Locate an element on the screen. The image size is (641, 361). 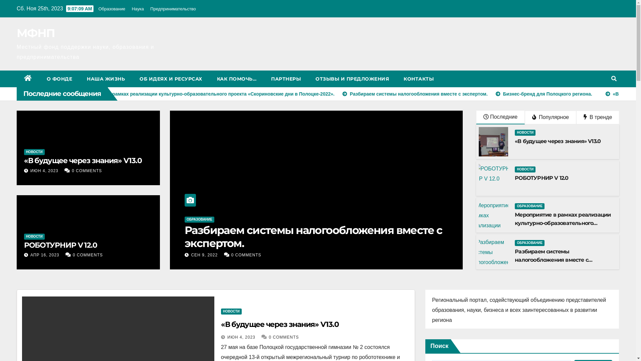
'0 COMMENTS' is located at coordinates (87, 255).